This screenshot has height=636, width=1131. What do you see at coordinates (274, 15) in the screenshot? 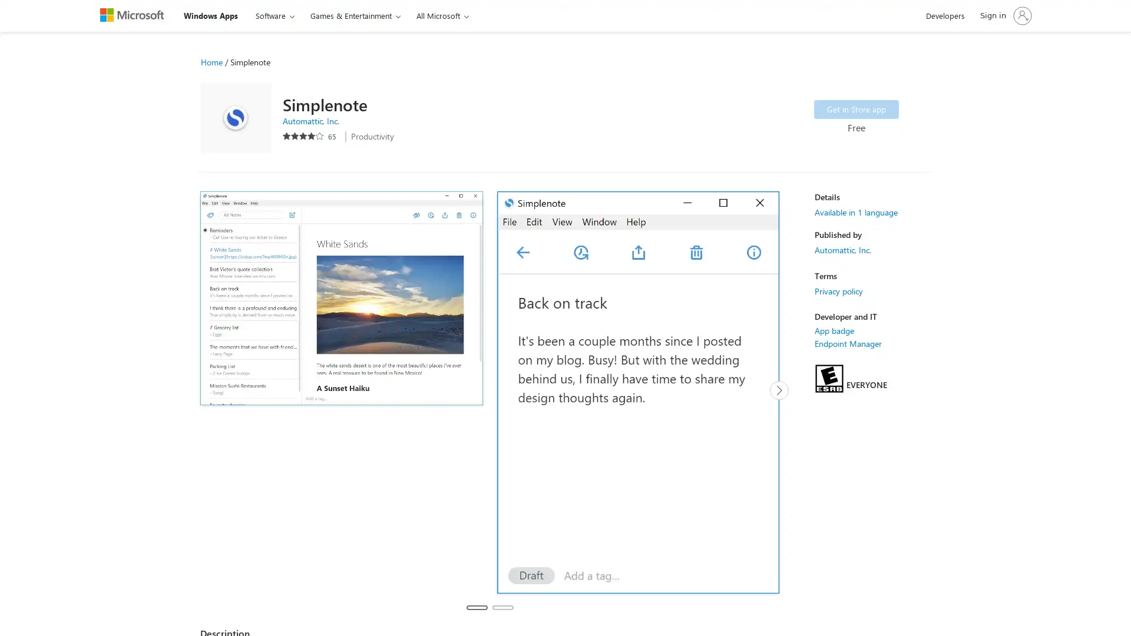
I see `Software` at bounding box center [274, 15].